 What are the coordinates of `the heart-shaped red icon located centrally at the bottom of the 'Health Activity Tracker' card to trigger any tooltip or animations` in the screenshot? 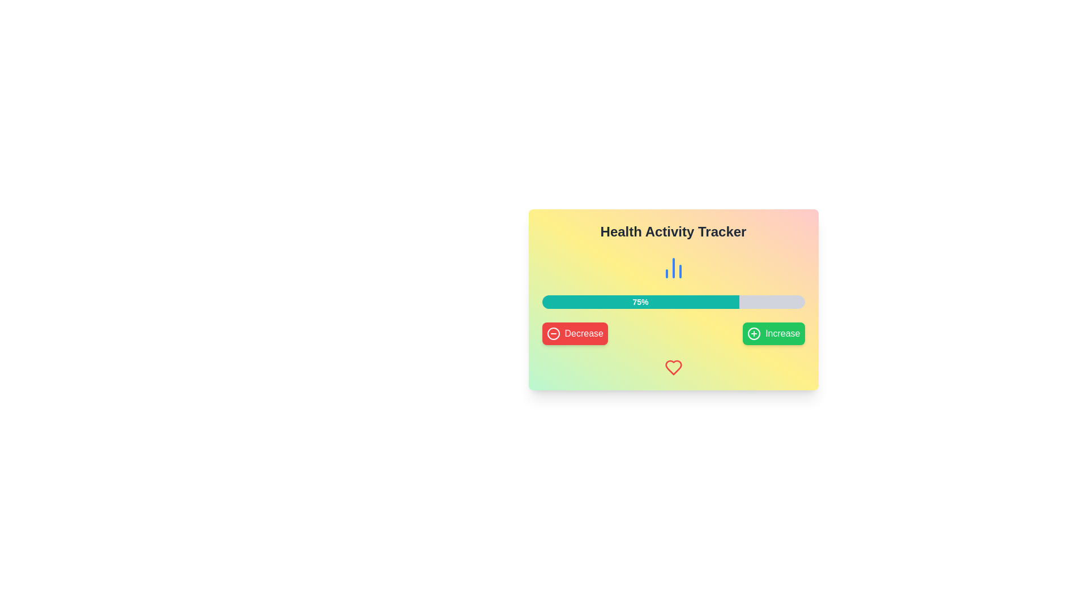 It's located at (673, 368).